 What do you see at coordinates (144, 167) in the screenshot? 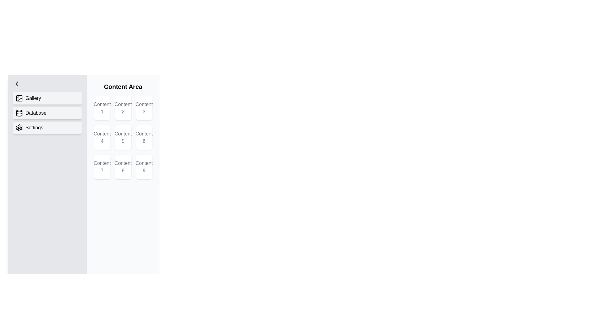
I see `the display box for the label 'Content 9', located in the bottom-right corner of the 3x3 grid layout within the 'Content Area' section` at bounding box center [144, 167].